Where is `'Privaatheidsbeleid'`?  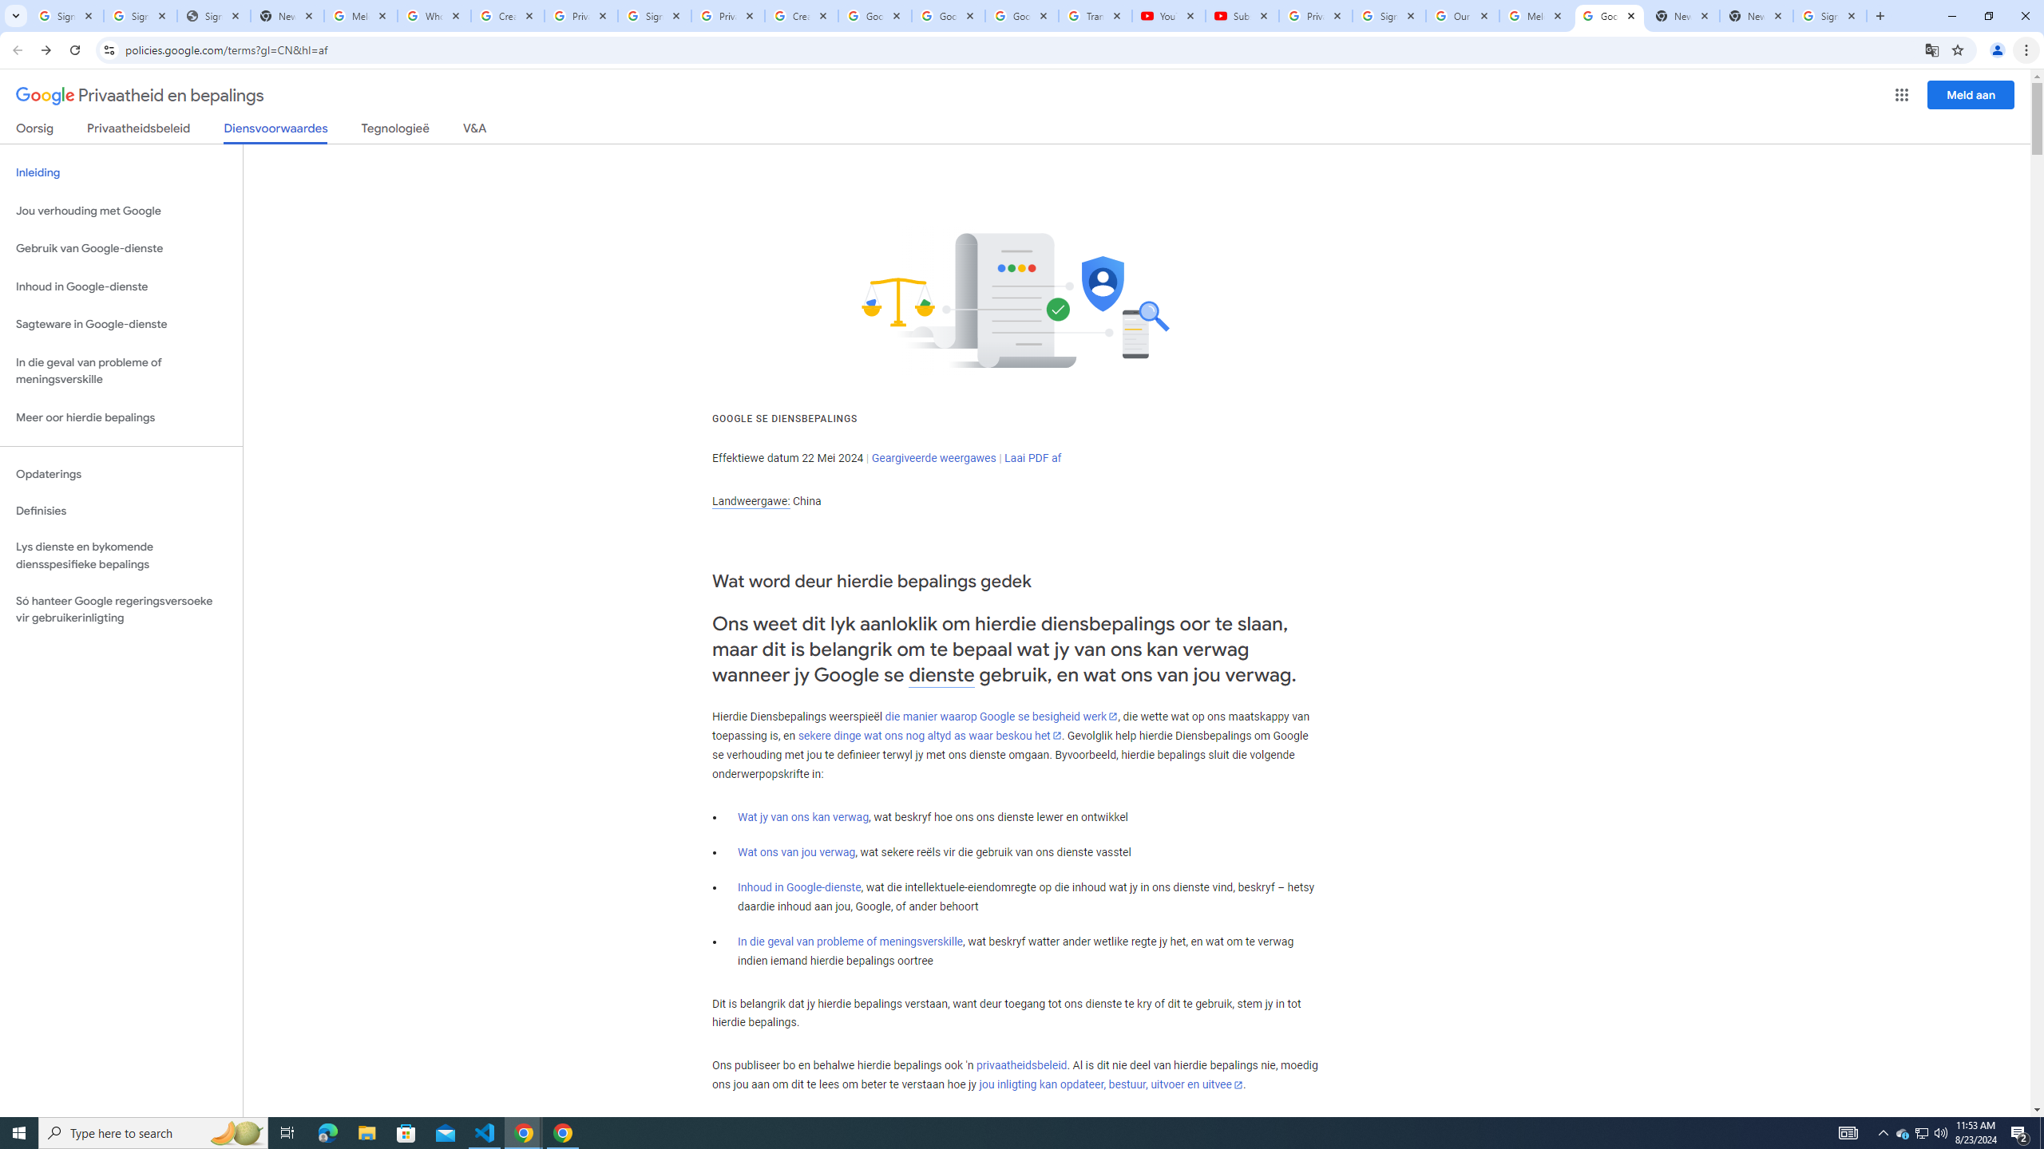 'Privaatheidsbeleid' is located at coordinates (139, 131).